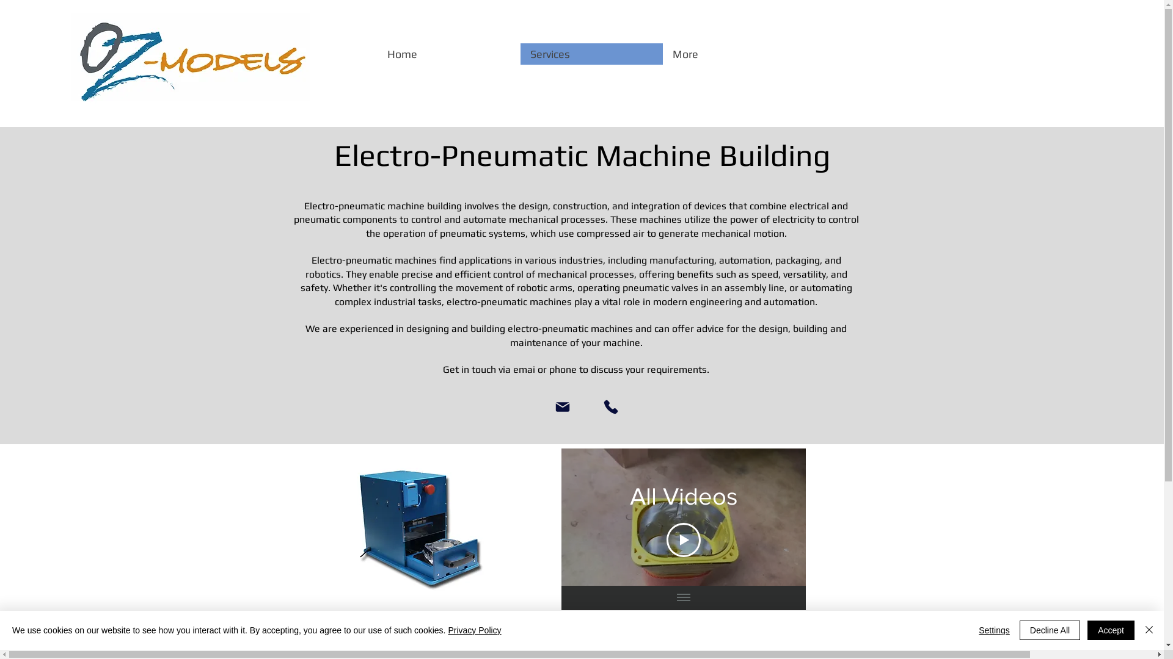 This screenshot has height=659, width=1173. I want to click on 'Decline All', so click(1049, 630).